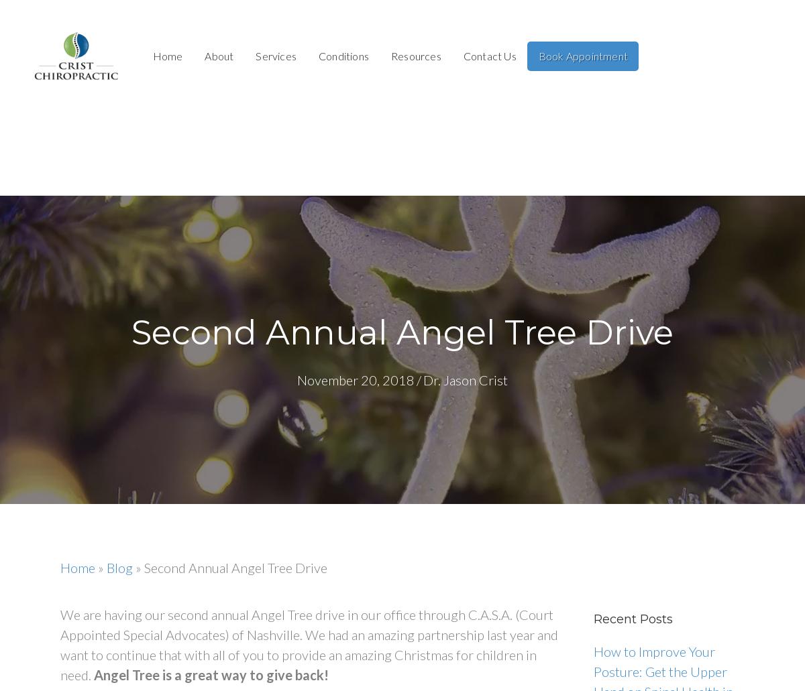 This screenshot has height=691, width=805. I want to click on 'We are having our second annual Angel Tree drive in our office through C.A.S.A. (Court Appointed Special Advocates) of Nashville. We had an amazing partnership last year and want to continue that with all of you to provide an amazing Christmas for children in need.', so click(309, 644).